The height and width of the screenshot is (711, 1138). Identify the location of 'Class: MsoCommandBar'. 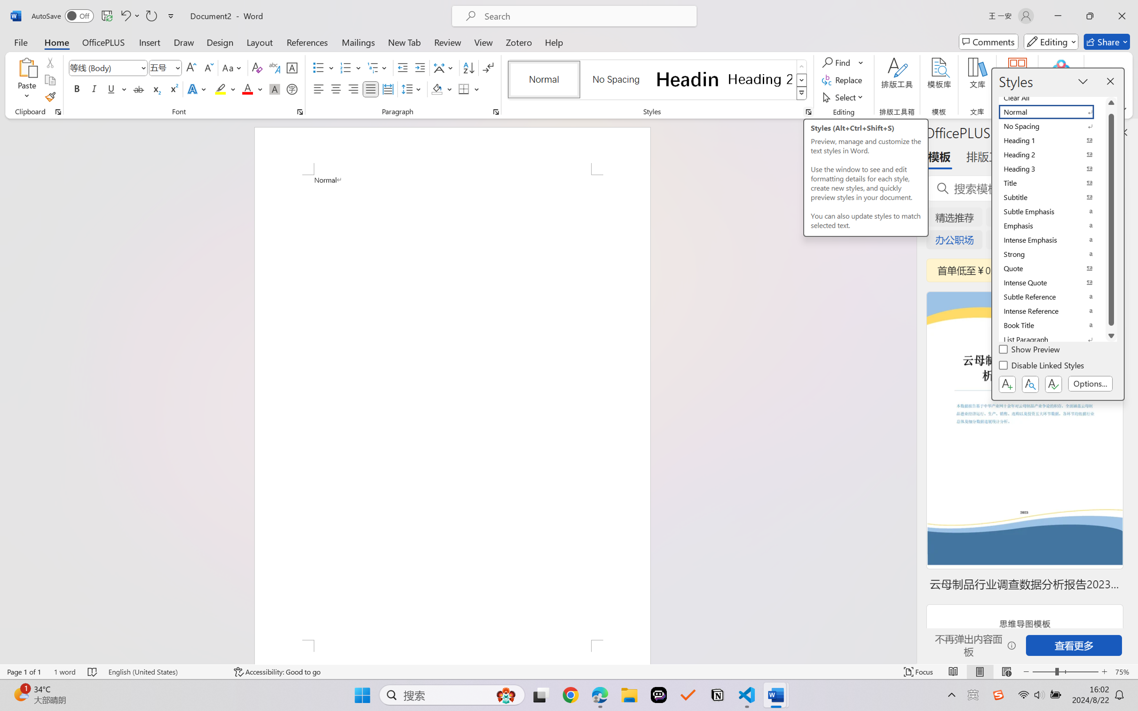
(569, 671).